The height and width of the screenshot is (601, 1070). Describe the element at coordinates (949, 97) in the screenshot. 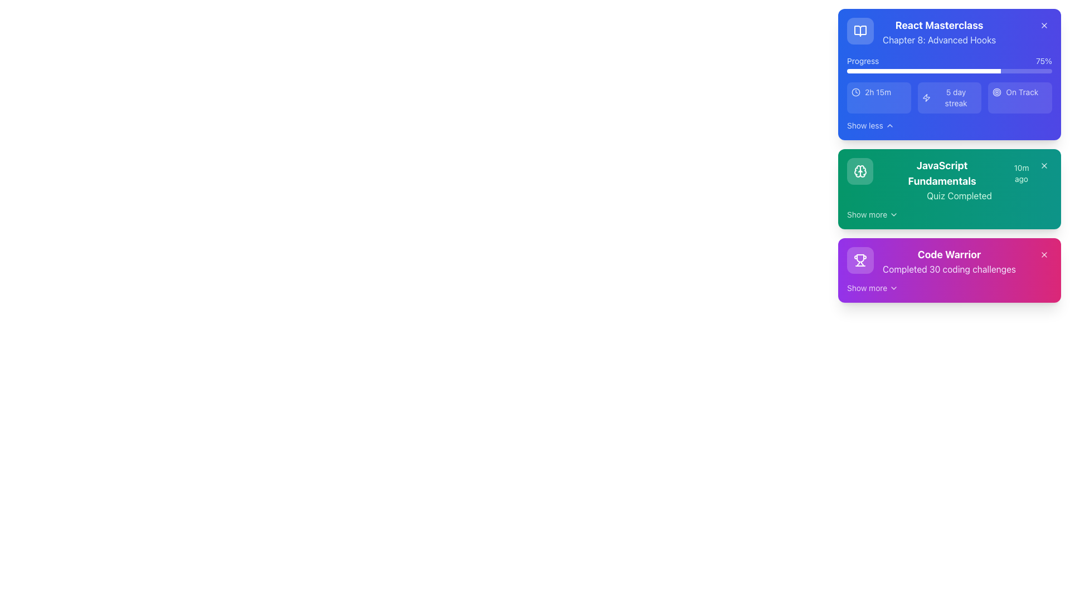

I see `displayed streak information from the button-like UI component showing '5 day streak' with a lightning bolt icon, positioned between '2h 15m' and 'On Track' buttons` at that location.